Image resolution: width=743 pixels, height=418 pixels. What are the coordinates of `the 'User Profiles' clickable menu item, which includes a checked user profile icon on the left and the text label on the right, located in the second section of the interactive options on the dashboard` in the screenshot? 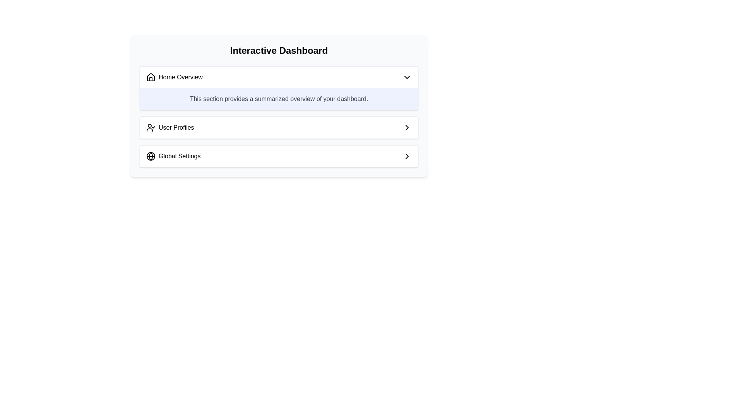 It's located at (169, 127).